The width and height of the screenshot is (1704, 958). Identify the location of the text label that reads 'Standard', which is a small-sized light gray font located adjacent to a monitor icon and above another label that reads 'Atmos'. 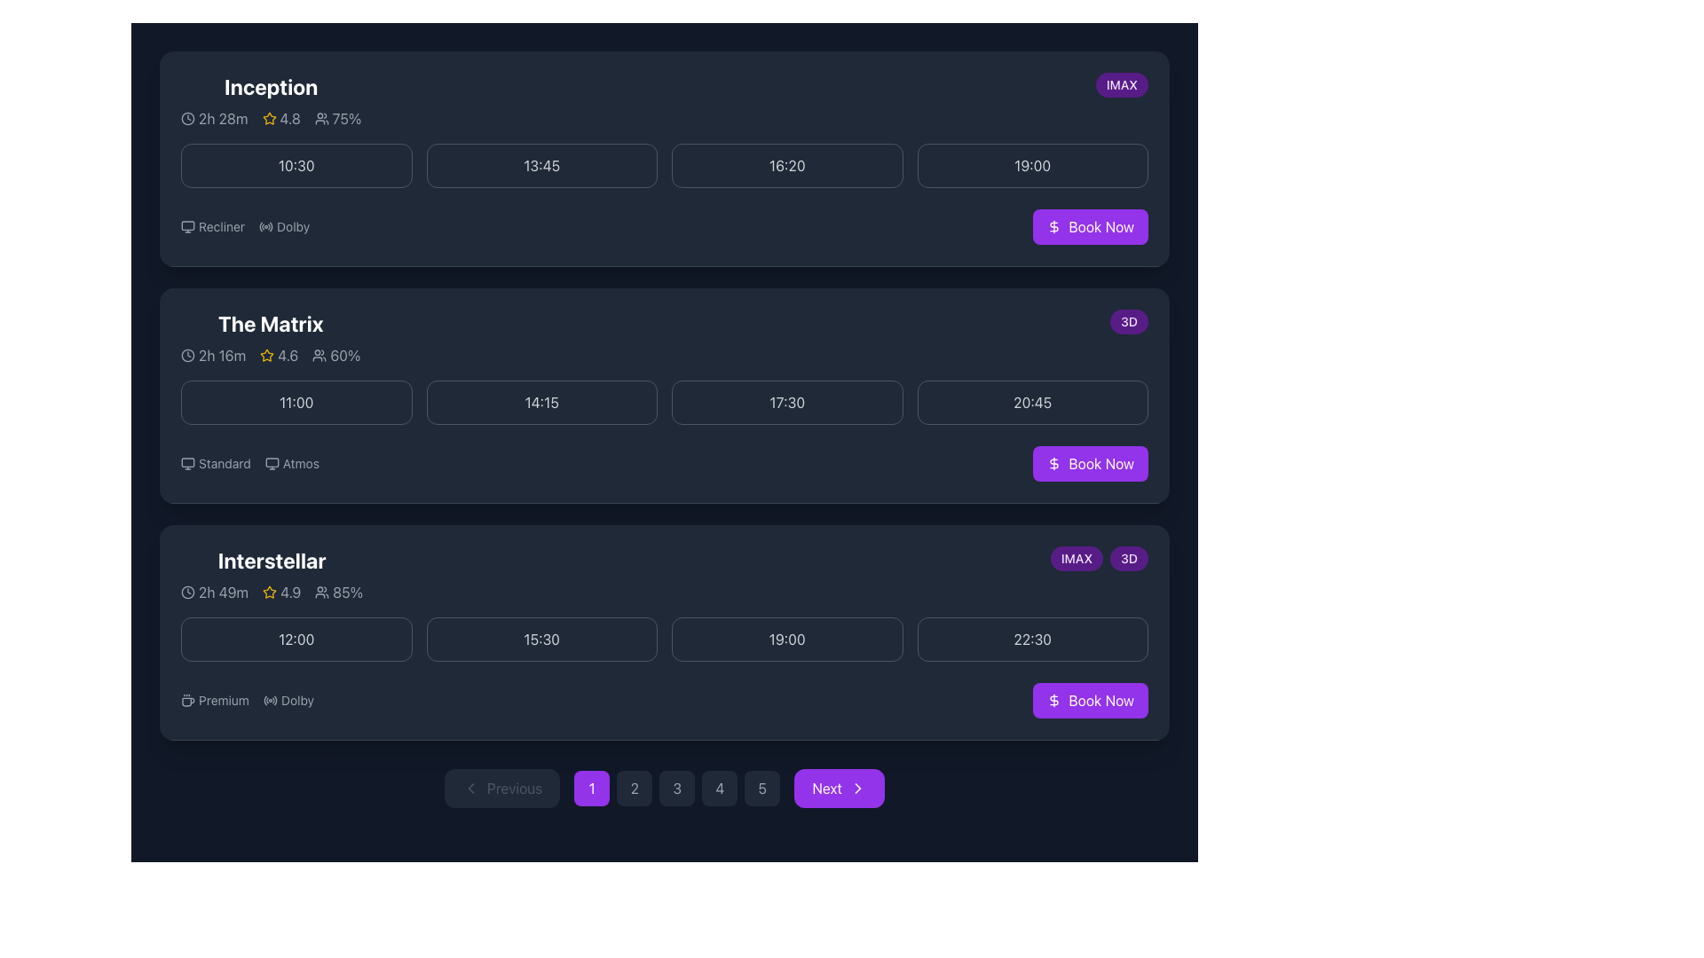
(224, 463).